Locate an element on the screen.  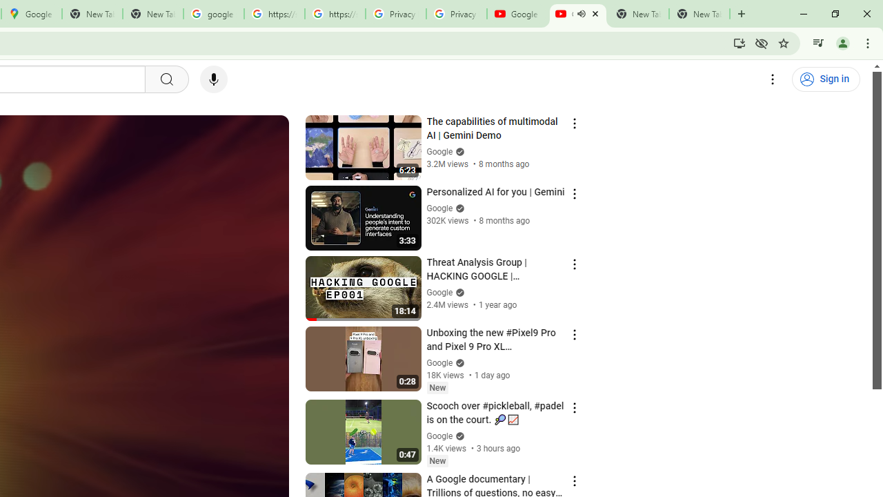
'Search with your voice' is located at coordinates (212, 79).